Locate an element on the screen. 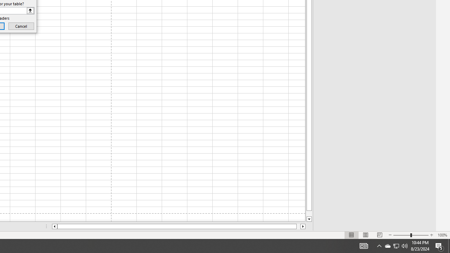 The height and width of the screenshot is (253, 450). 'Zoom' is located at coordinates (411, 235).